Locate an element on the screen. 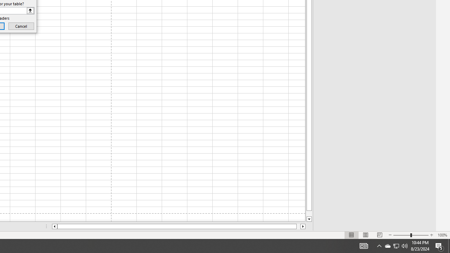 The height and width of the screenshot is (253, 450). 'Zoom' is located at coordinates (411, 235).